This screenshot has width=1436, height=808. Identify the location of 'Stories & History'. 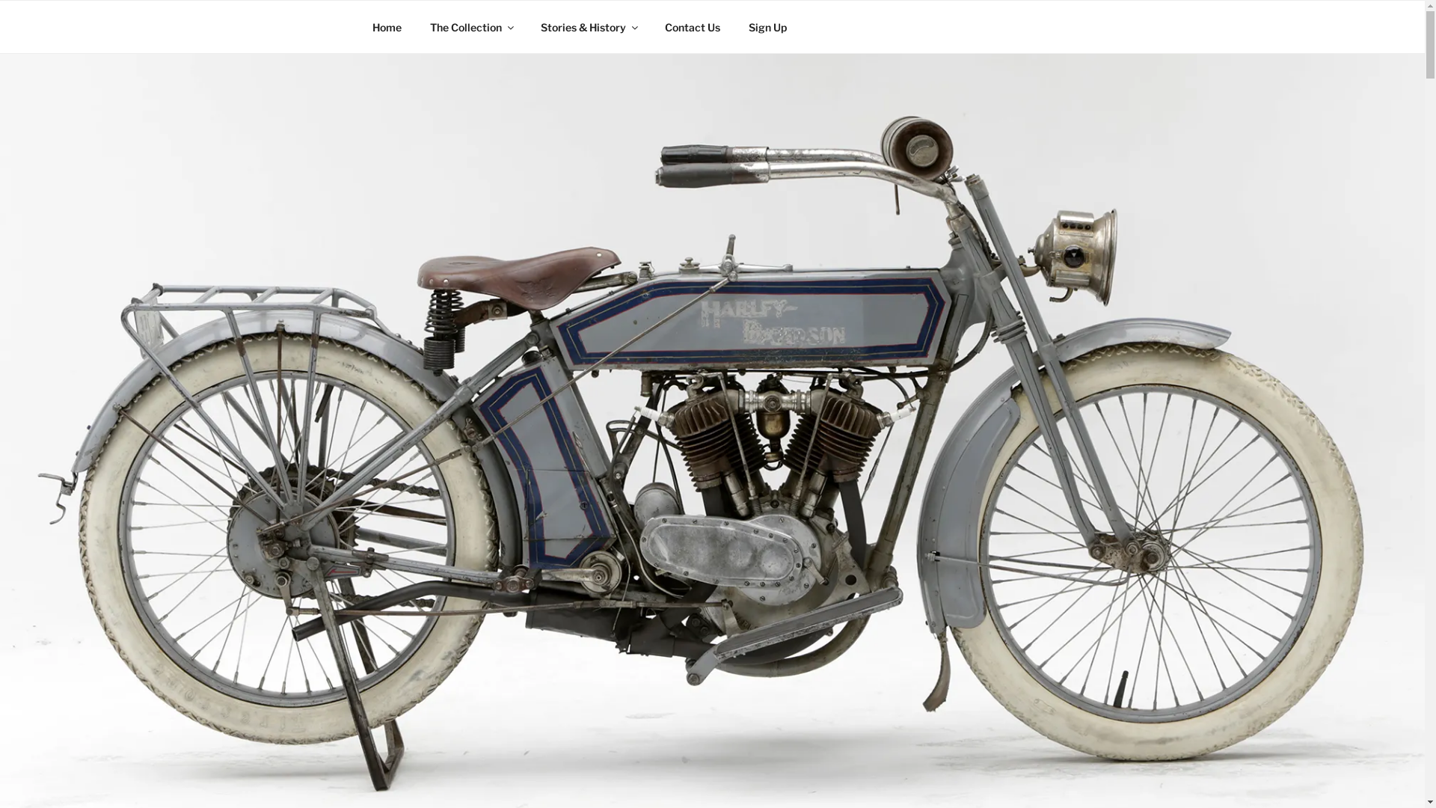
(588, 27).